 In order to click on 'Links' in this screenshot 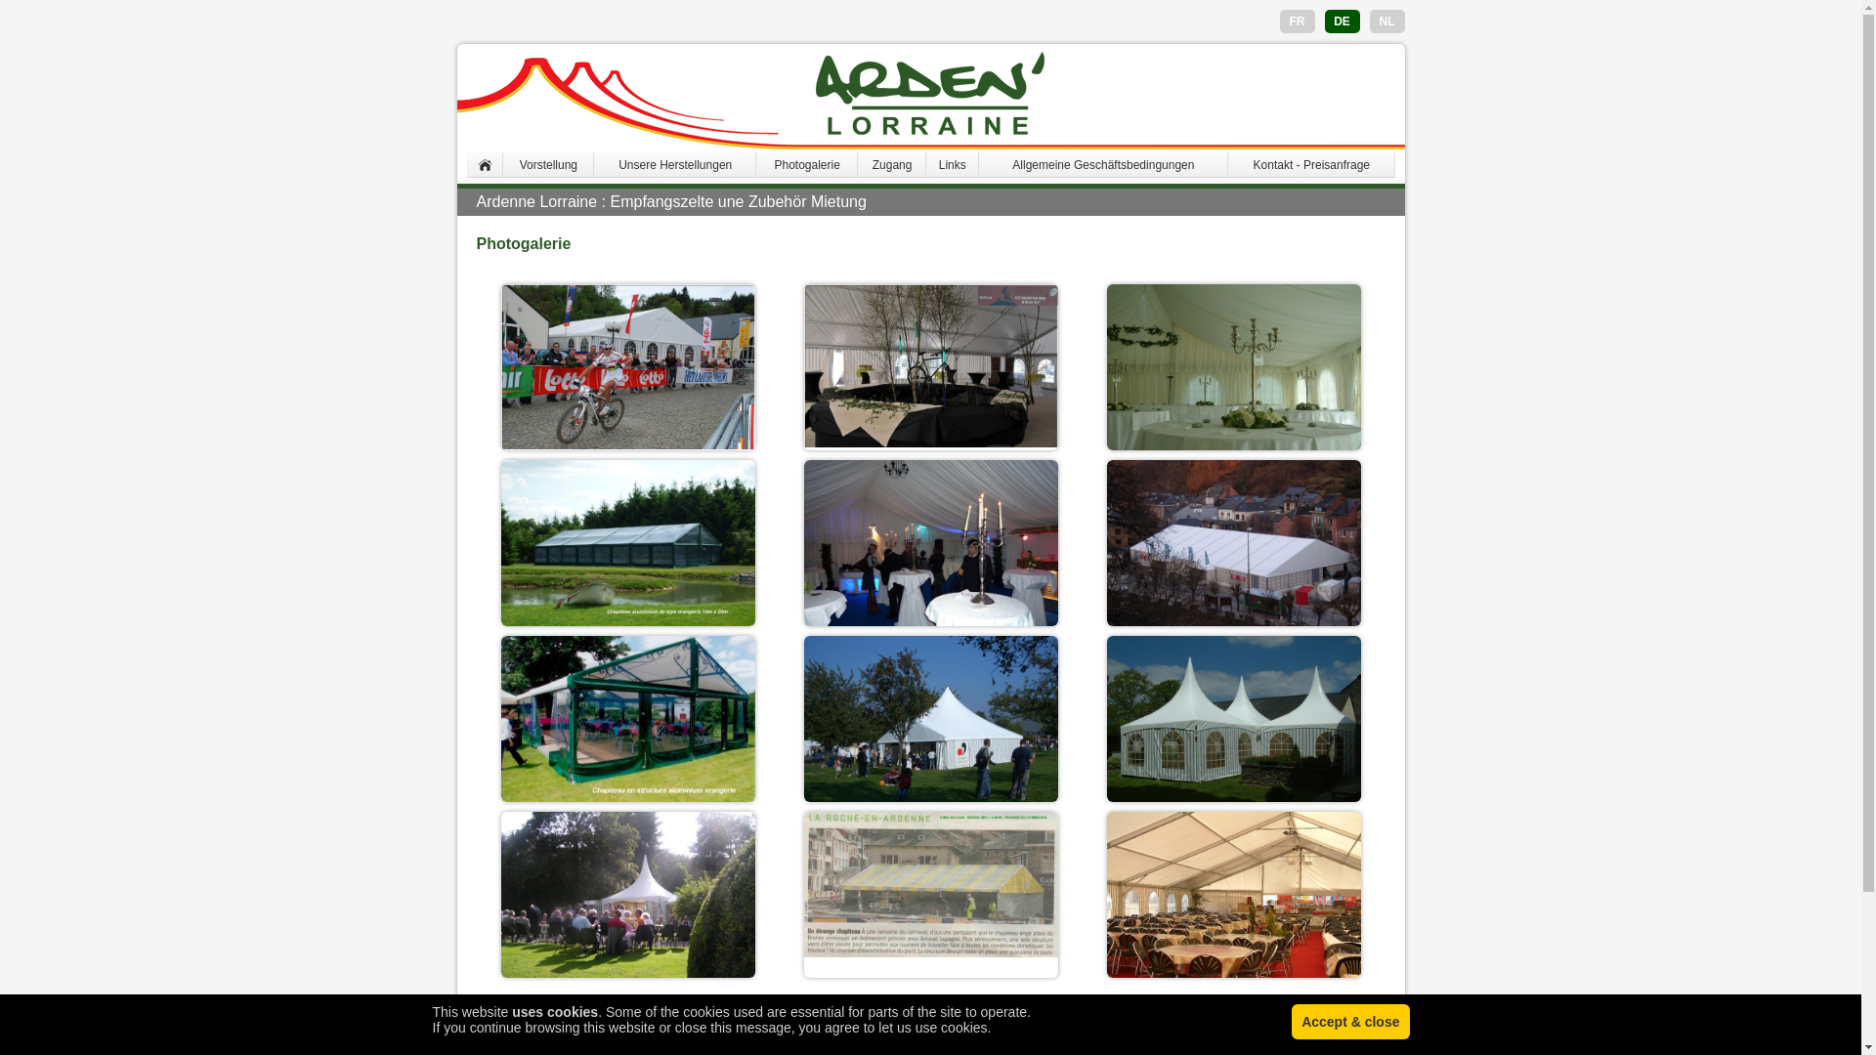, I will do `click(952, 164)`.